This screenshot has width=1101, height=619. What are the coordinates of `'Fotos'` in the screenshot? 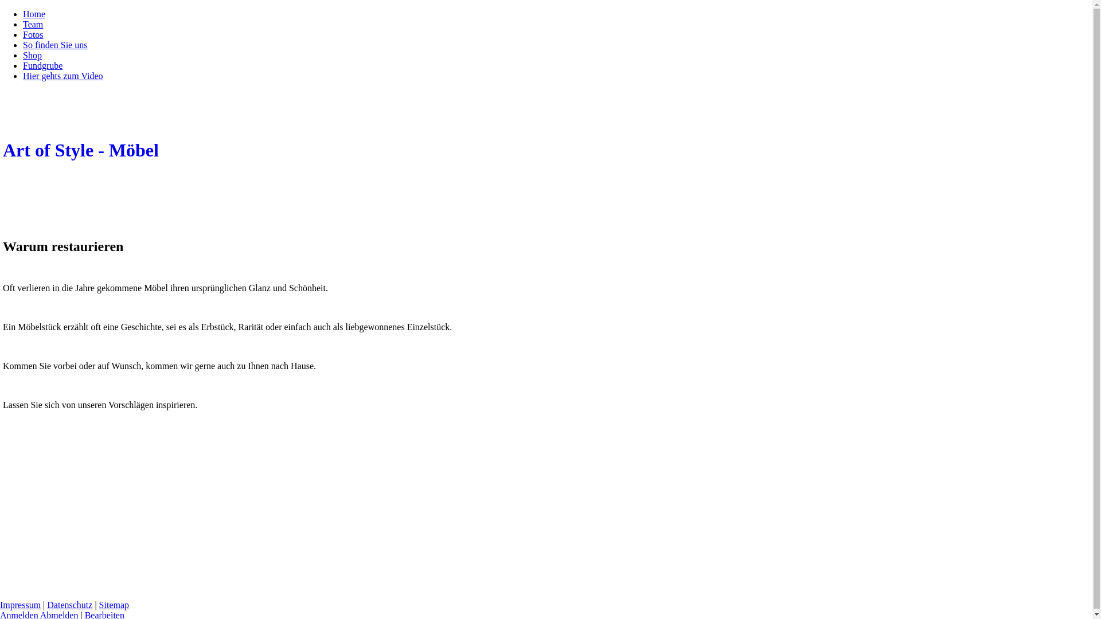 It's located at (33, 34).